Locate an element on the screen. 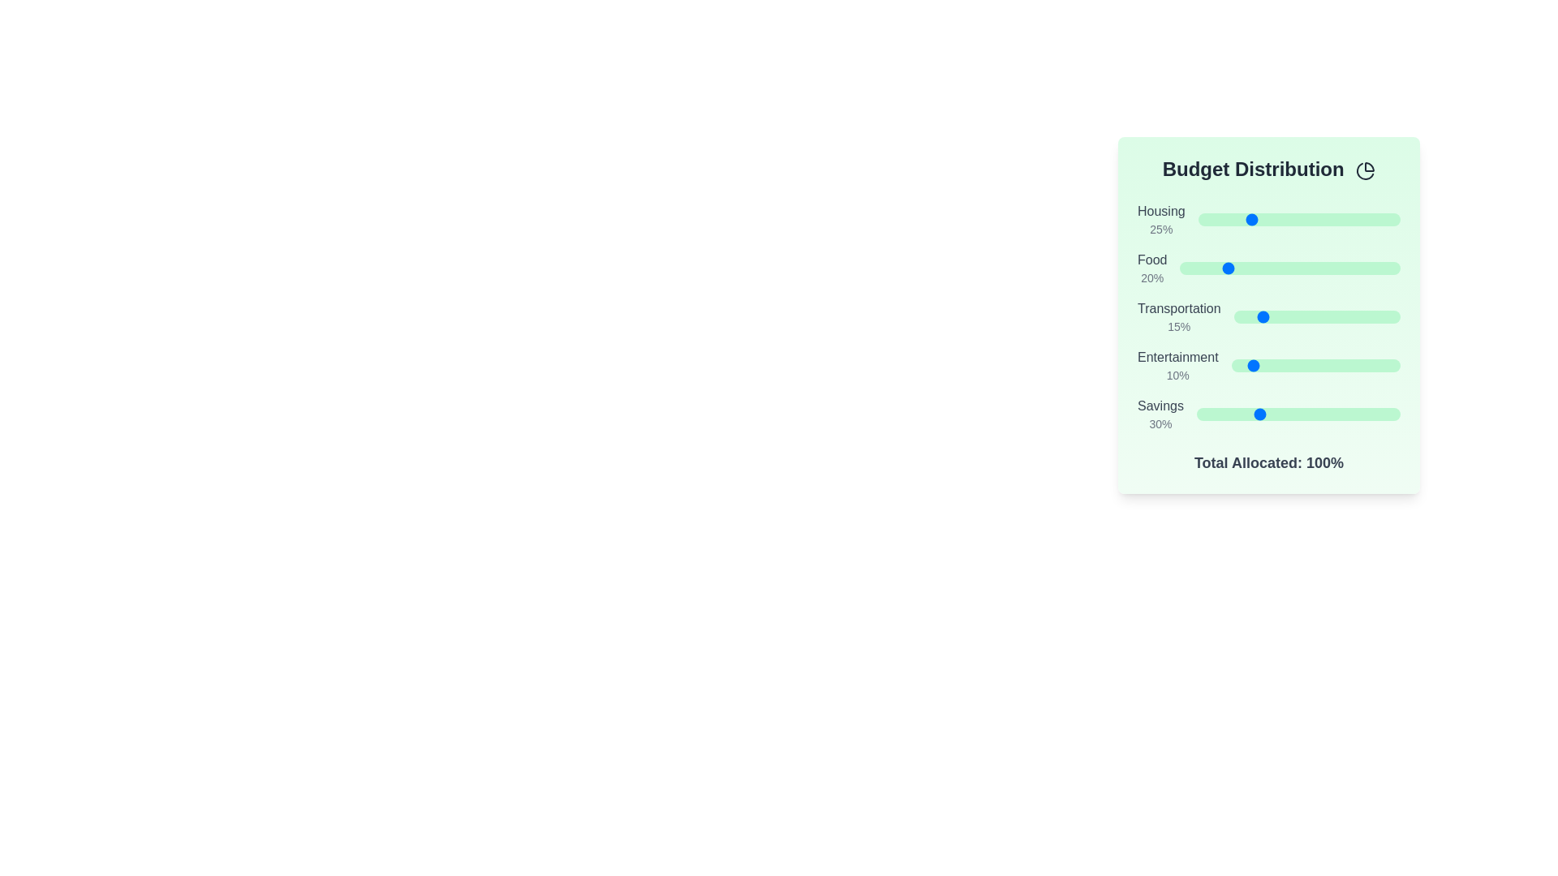 The height and width of the screenshot is (876, 1558). the Transportation slider to 78% is located at coordinates (1363, 316).